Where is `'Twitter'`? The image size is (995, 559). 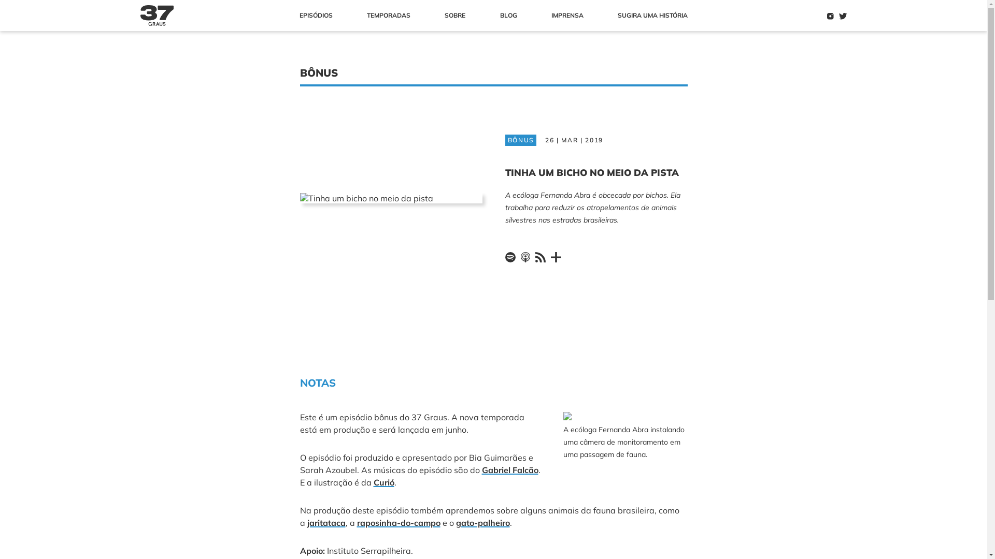 'Twitter' is located at coordinates (843, 16).